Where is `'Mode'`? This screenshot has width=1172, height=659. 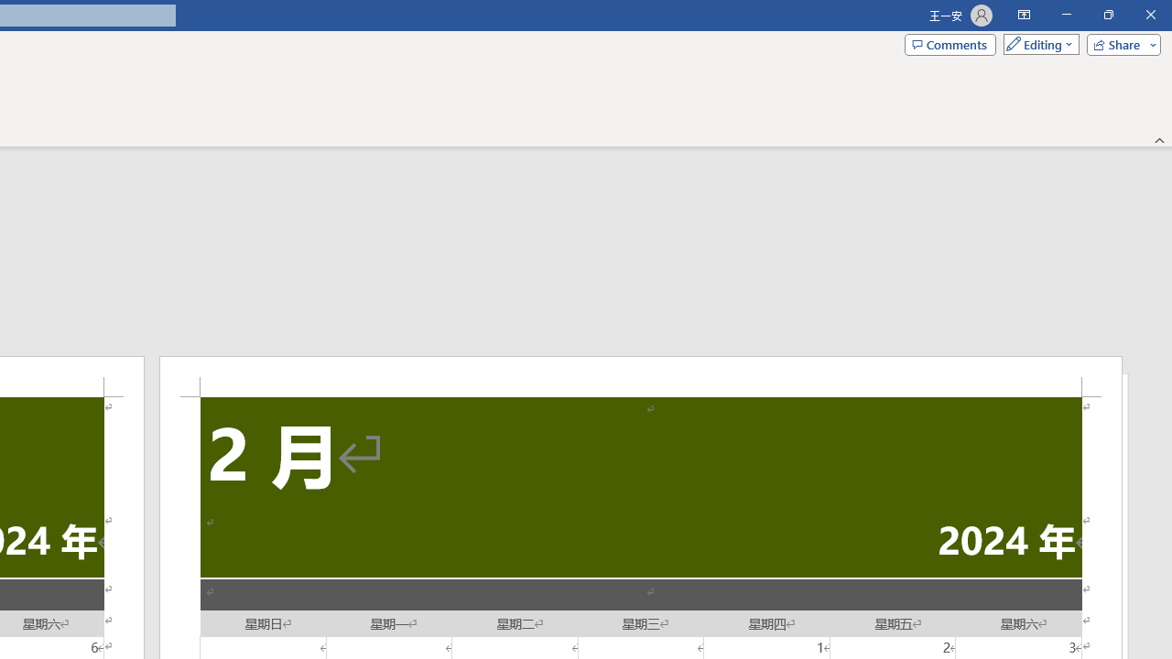 'Mode' is located at coordinates (1037, 43).